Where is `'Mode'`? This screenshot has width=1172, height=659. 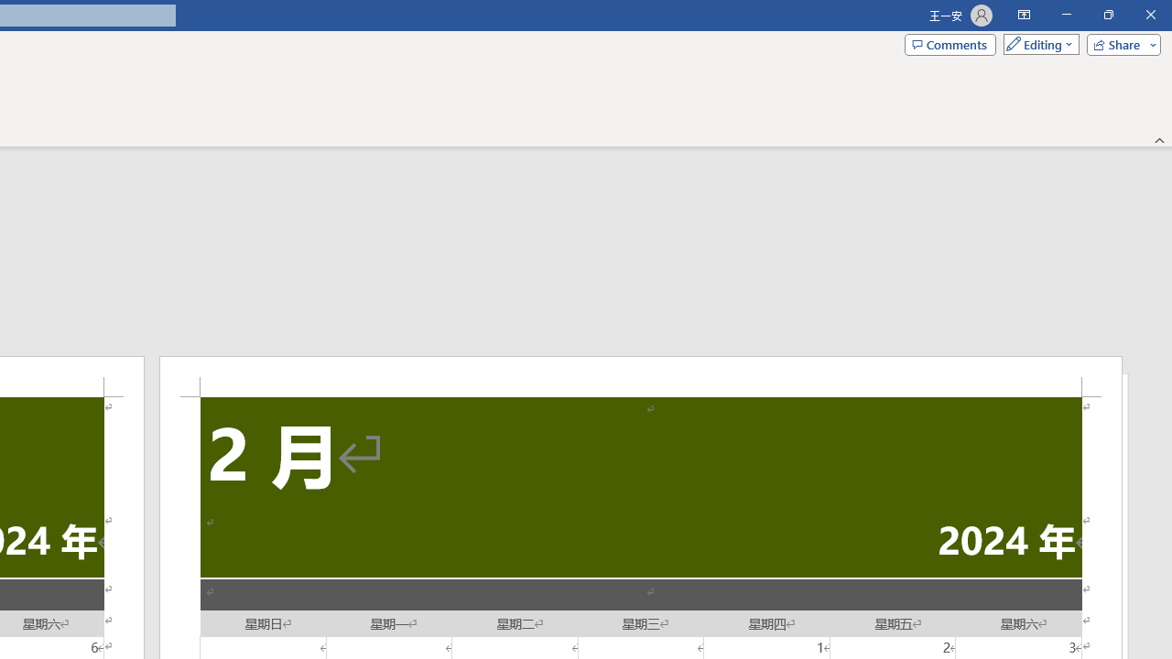 'Mode' is located at coordinates (1037, 43).